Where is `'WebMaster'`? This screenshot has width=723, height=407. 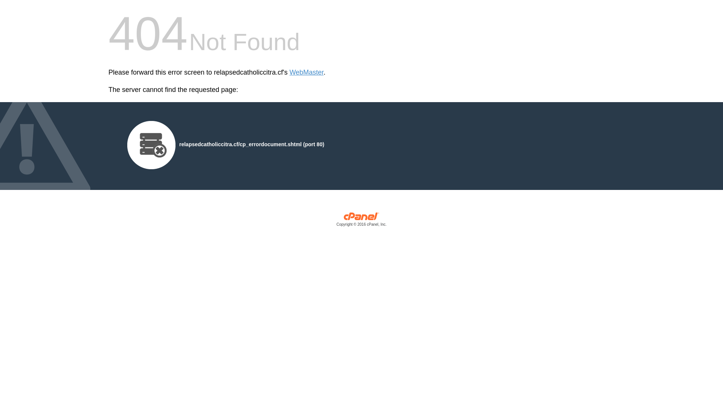 'WebMaster' is located at coordinates (307, 72).